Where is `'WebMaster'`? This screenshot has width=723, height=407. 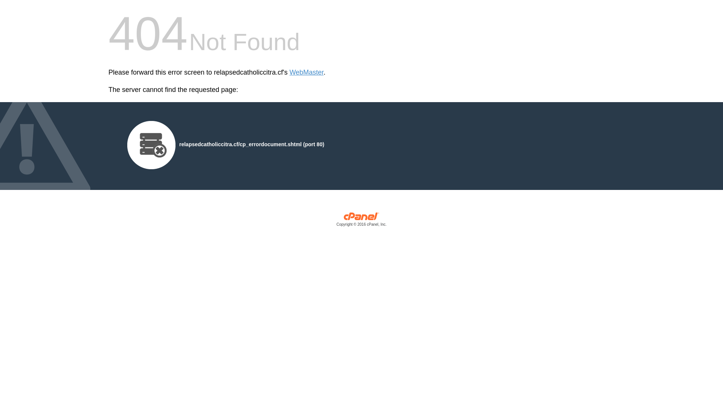 'WebMaster' is located at coordinates (307, 72).